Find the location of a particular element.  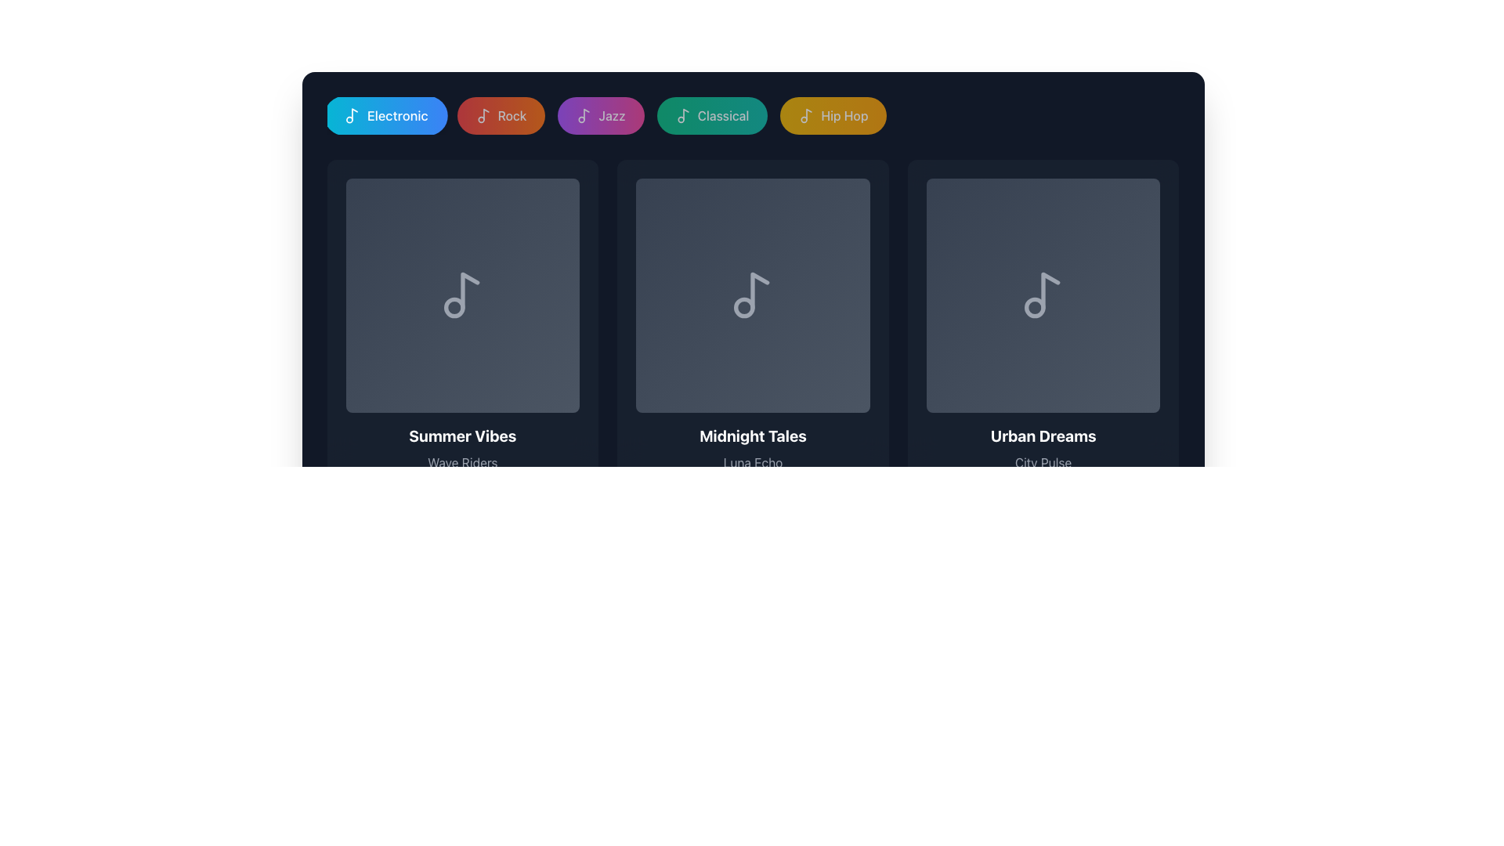

the musical note icon with a light gray outline located centrally within the leftmost card is located at coordinates (461, 295).